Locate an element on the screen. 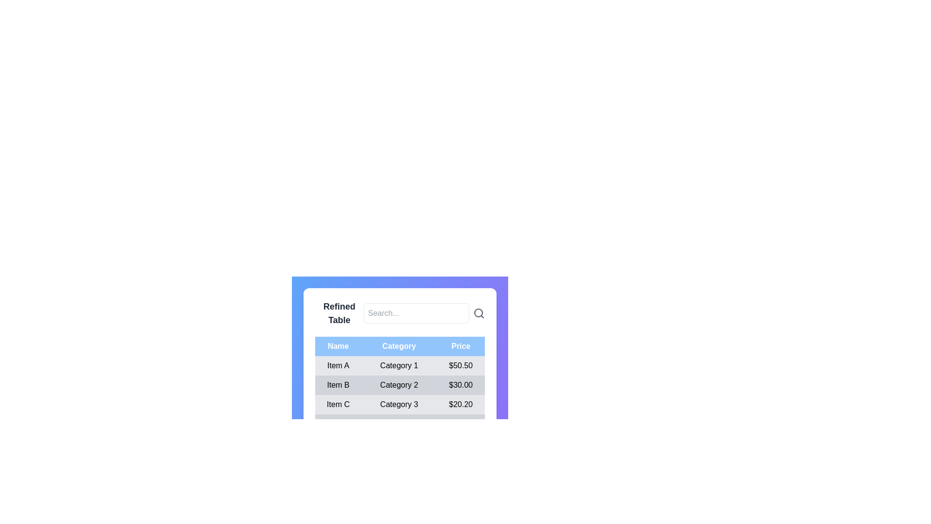 This screenshot has width=931, height=524. the first row in the table, which contains the cells 'Item A', 'Category 1', and '$50.50' is located at coordinates (400, 365).